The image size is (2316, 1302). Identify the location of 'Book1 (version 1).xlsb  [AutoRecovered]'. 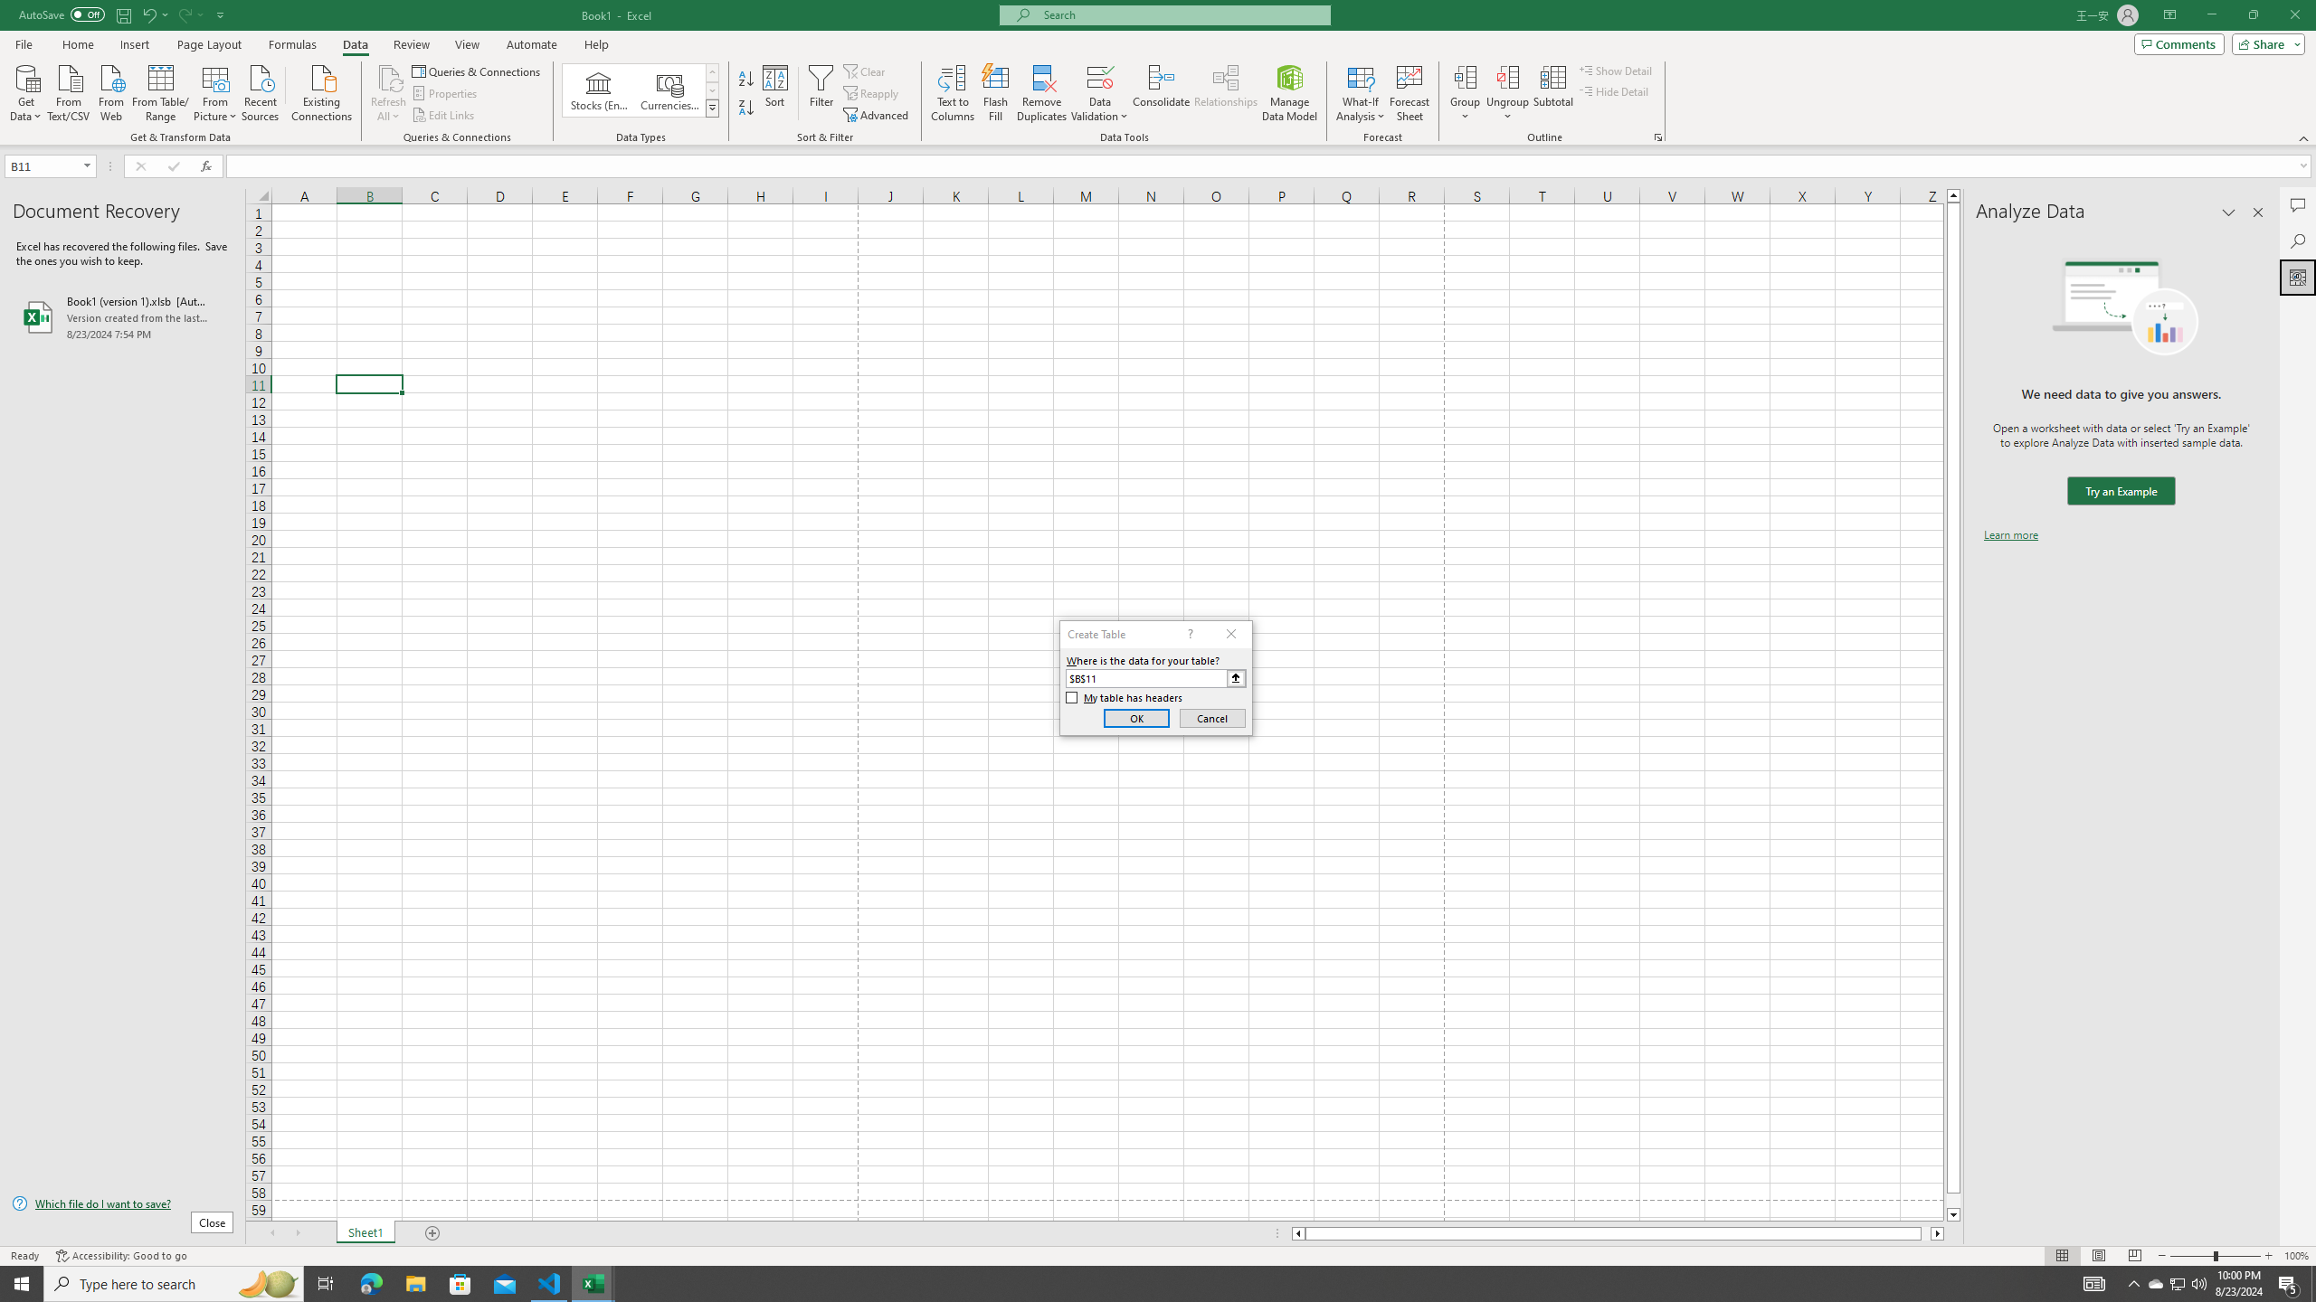
(121, 316).